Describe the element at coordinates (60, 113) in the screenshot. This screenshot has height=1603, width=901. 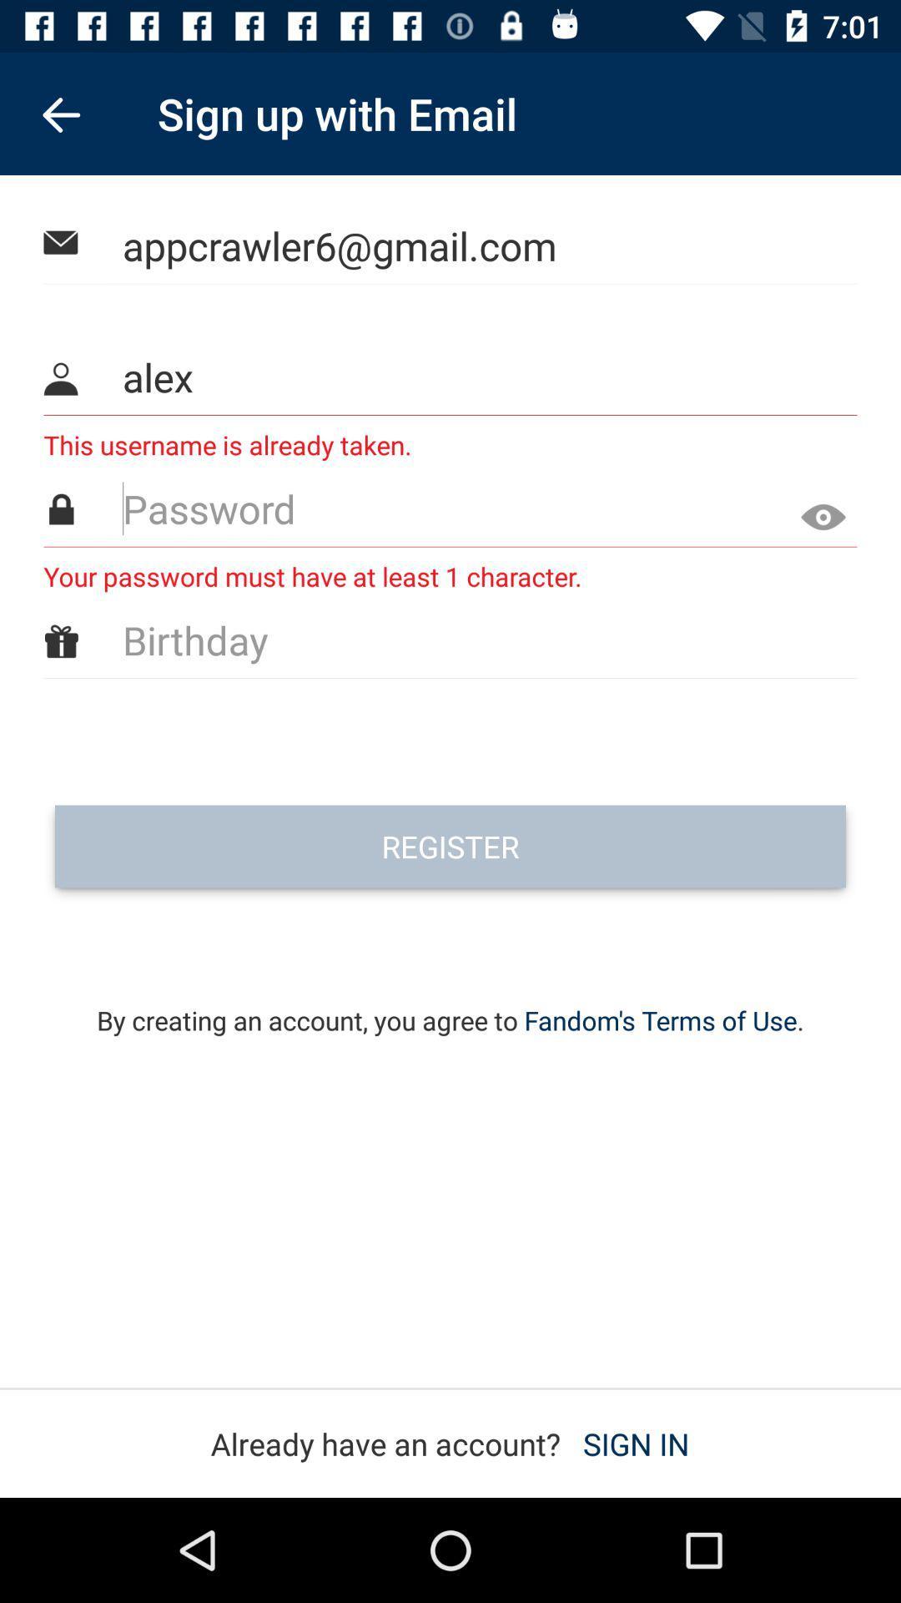
I see `item to the left of sign up with item` at that location.